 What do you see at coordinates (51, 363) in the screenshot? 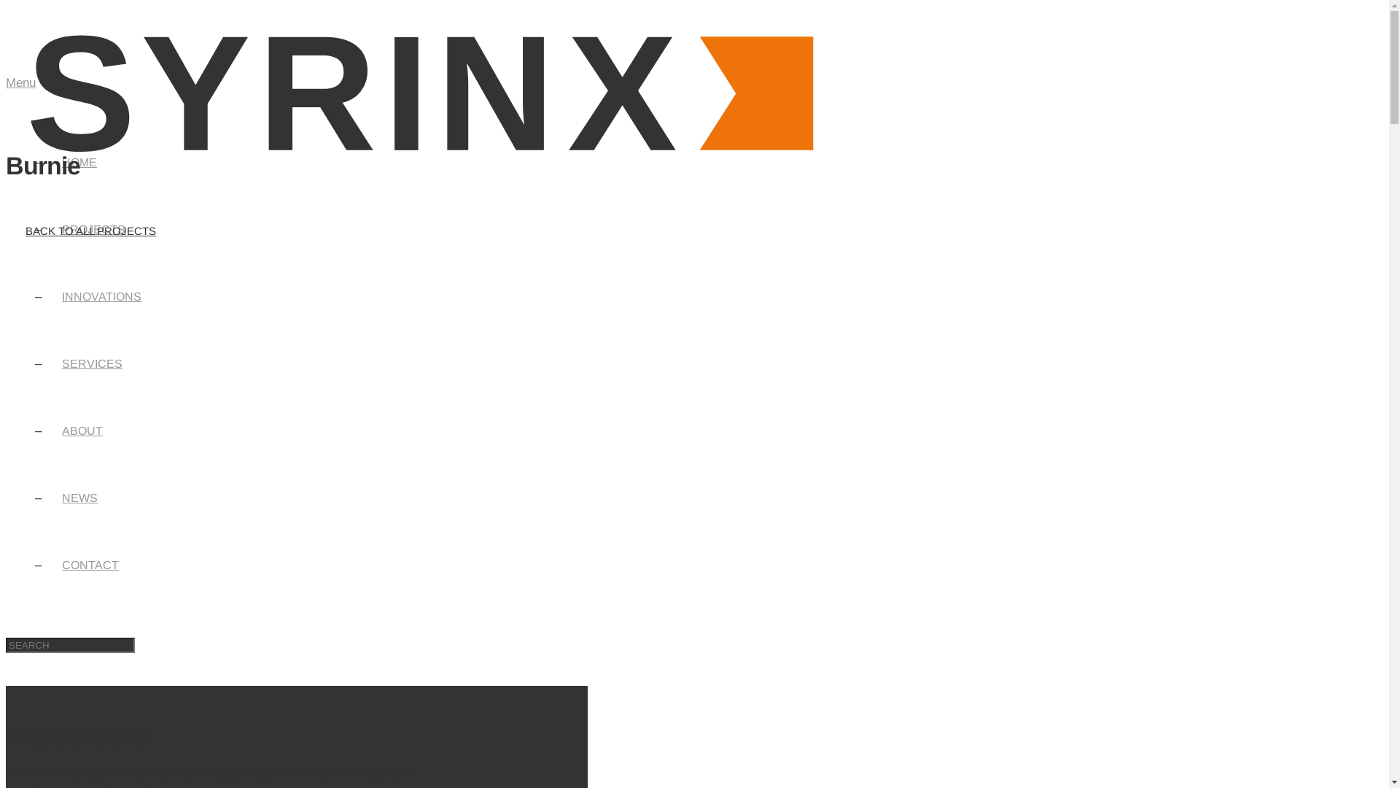
I see `'SERVICES'` at bounding box center [51, 363].